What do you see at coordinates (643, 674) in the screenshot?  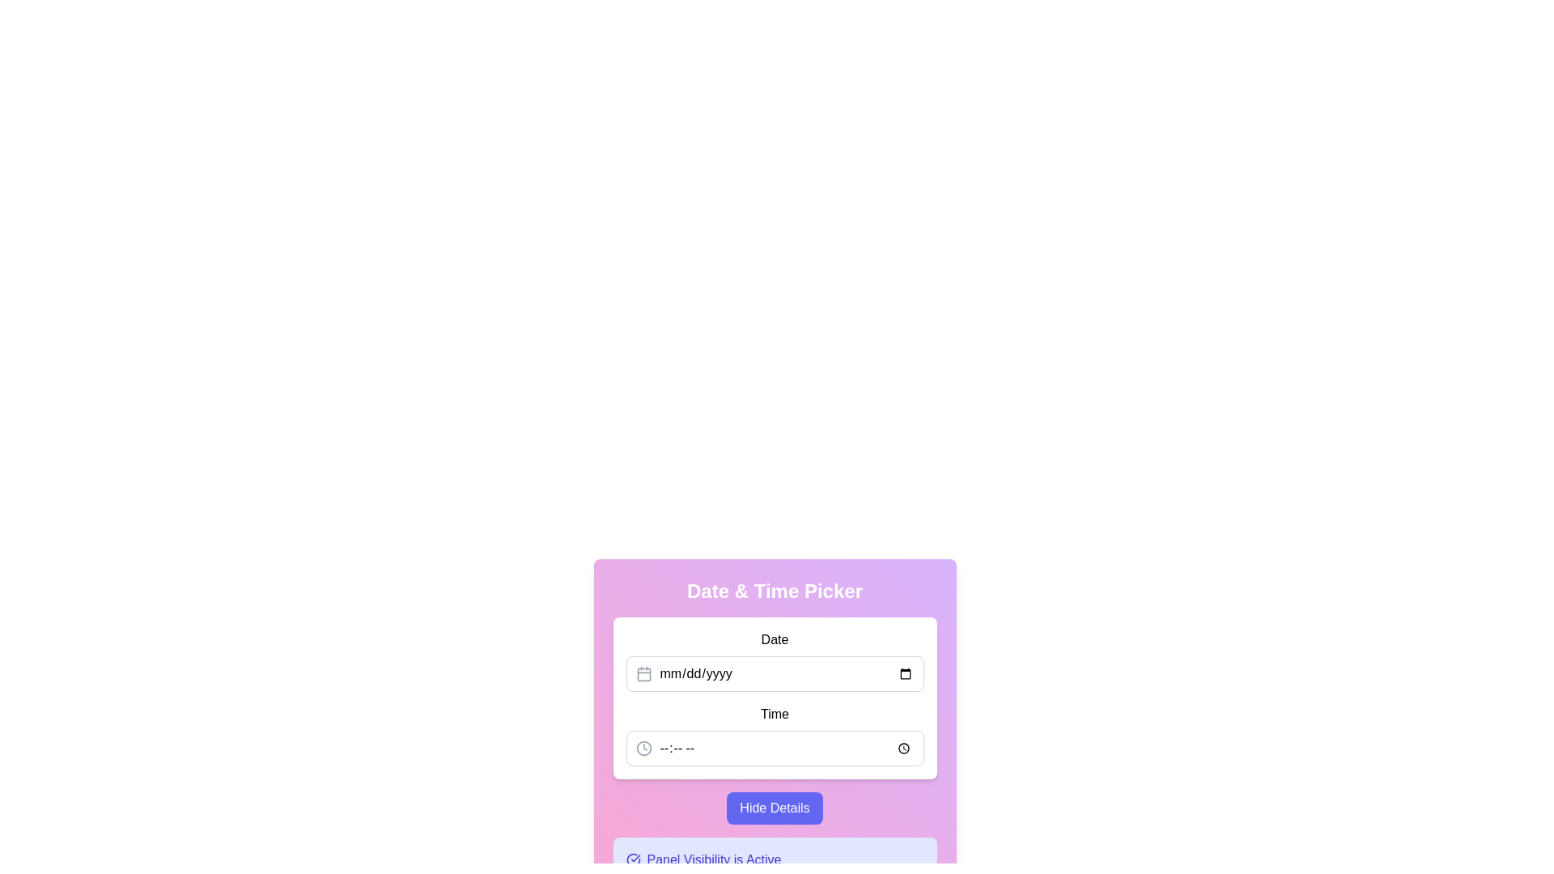 I see `the calendar icon located to the left of the placeholder text 'mm/dd/yyyy' in the Date field of the Date and Time Picker component` at bounding box center [643, 674].